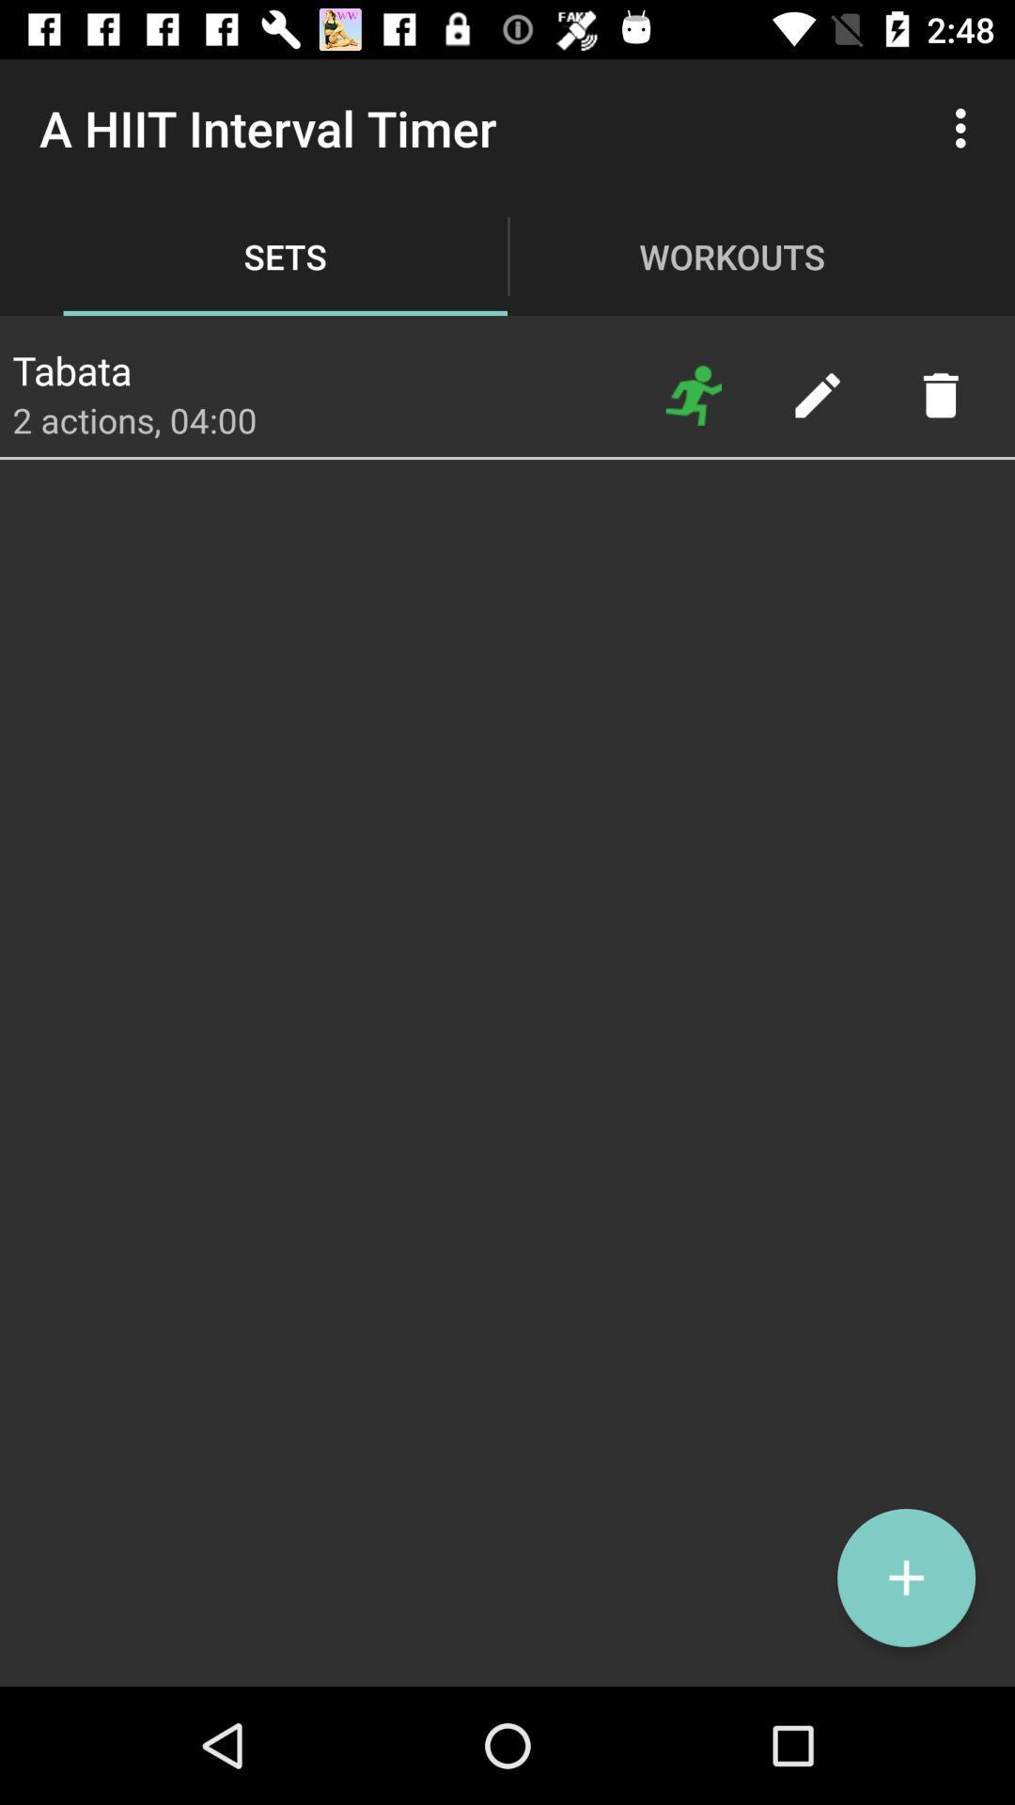 The image size is (1015, 1805). What do you see at coordinates (816, 394) in the screenshot?
I see `item below the workouts` at bounding box center [816, 394].